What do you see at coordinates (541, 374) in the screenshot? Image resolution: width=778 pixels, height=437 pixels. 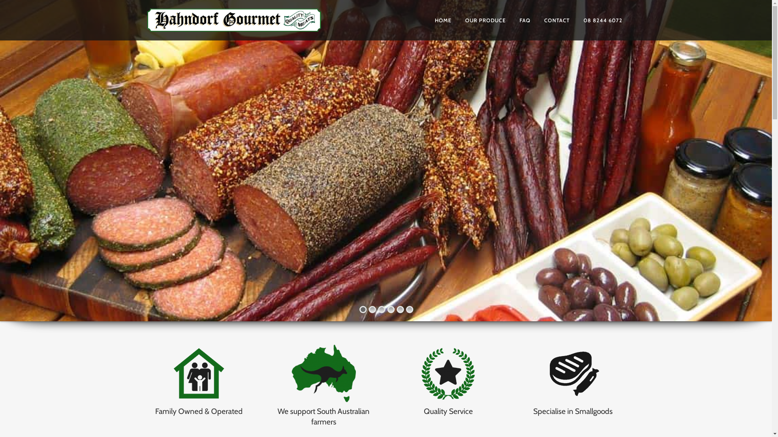 I see `'hg-pod10-01'` at bounding box center [541, 374].